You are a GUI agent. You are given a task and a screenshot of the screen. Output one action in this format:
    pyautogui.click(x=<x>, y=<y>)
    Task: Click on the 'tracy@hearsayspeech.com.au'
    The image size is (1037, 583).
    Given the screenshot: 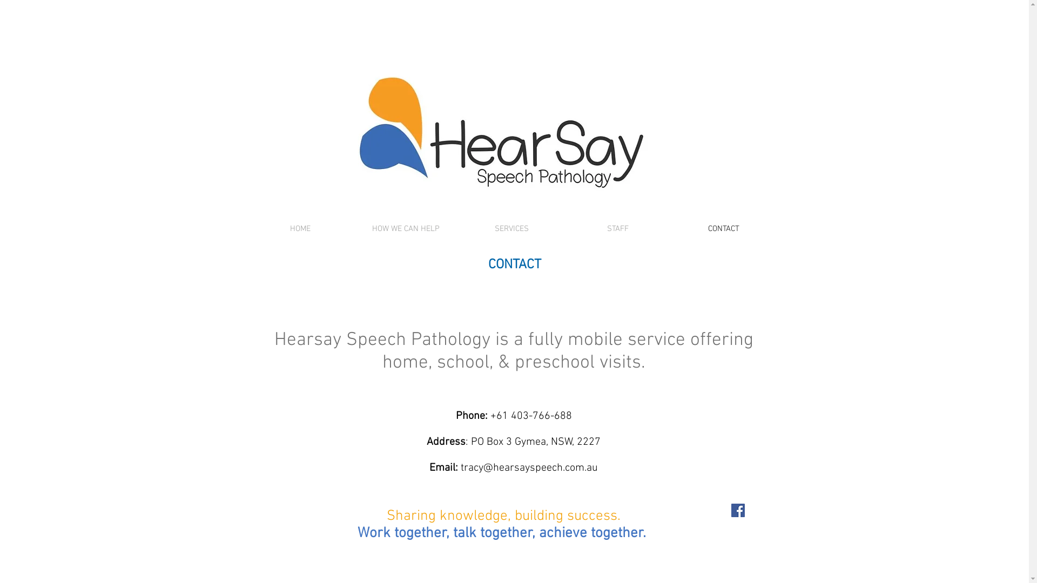 What is the action you would take?
    pyautogui.click(x=529, y=467)
    